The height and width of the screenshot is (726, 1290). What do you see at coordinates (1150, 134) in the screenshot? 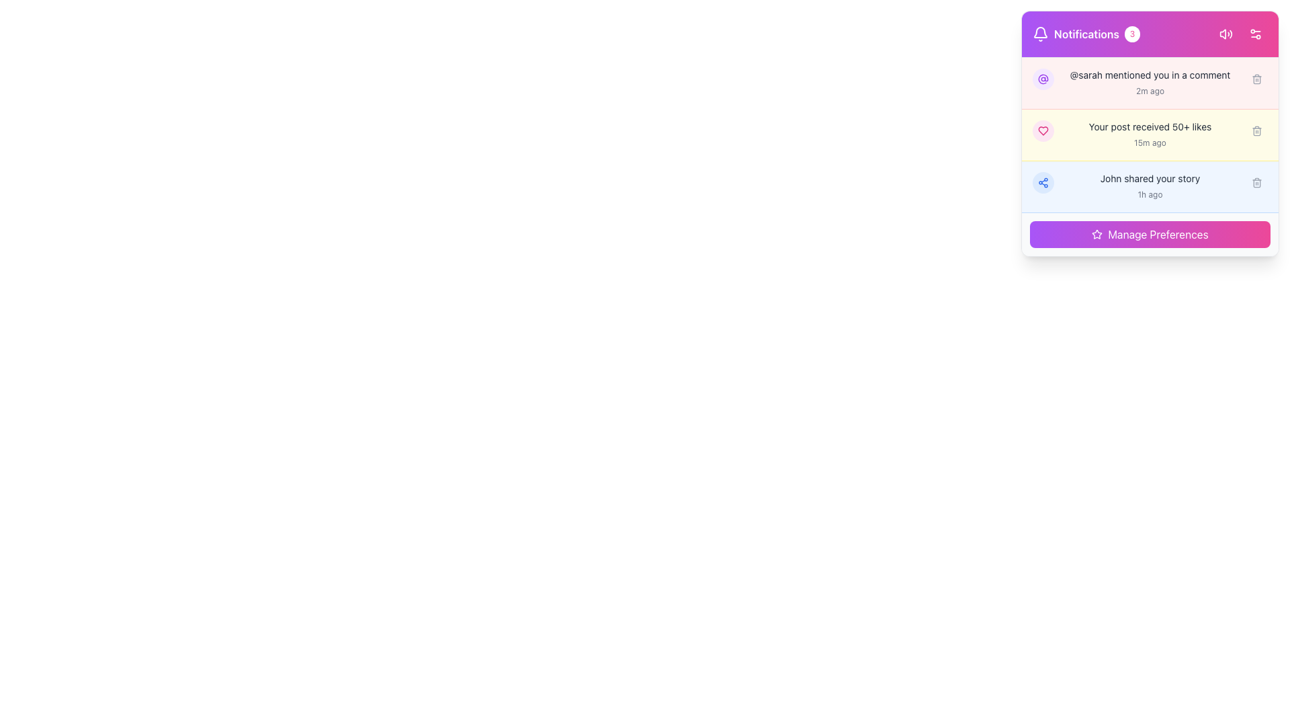
I see `notification text that informs the user about their post receiving over 50 likes, which is the second notification item in the list` at bounding box center [1150, 134].